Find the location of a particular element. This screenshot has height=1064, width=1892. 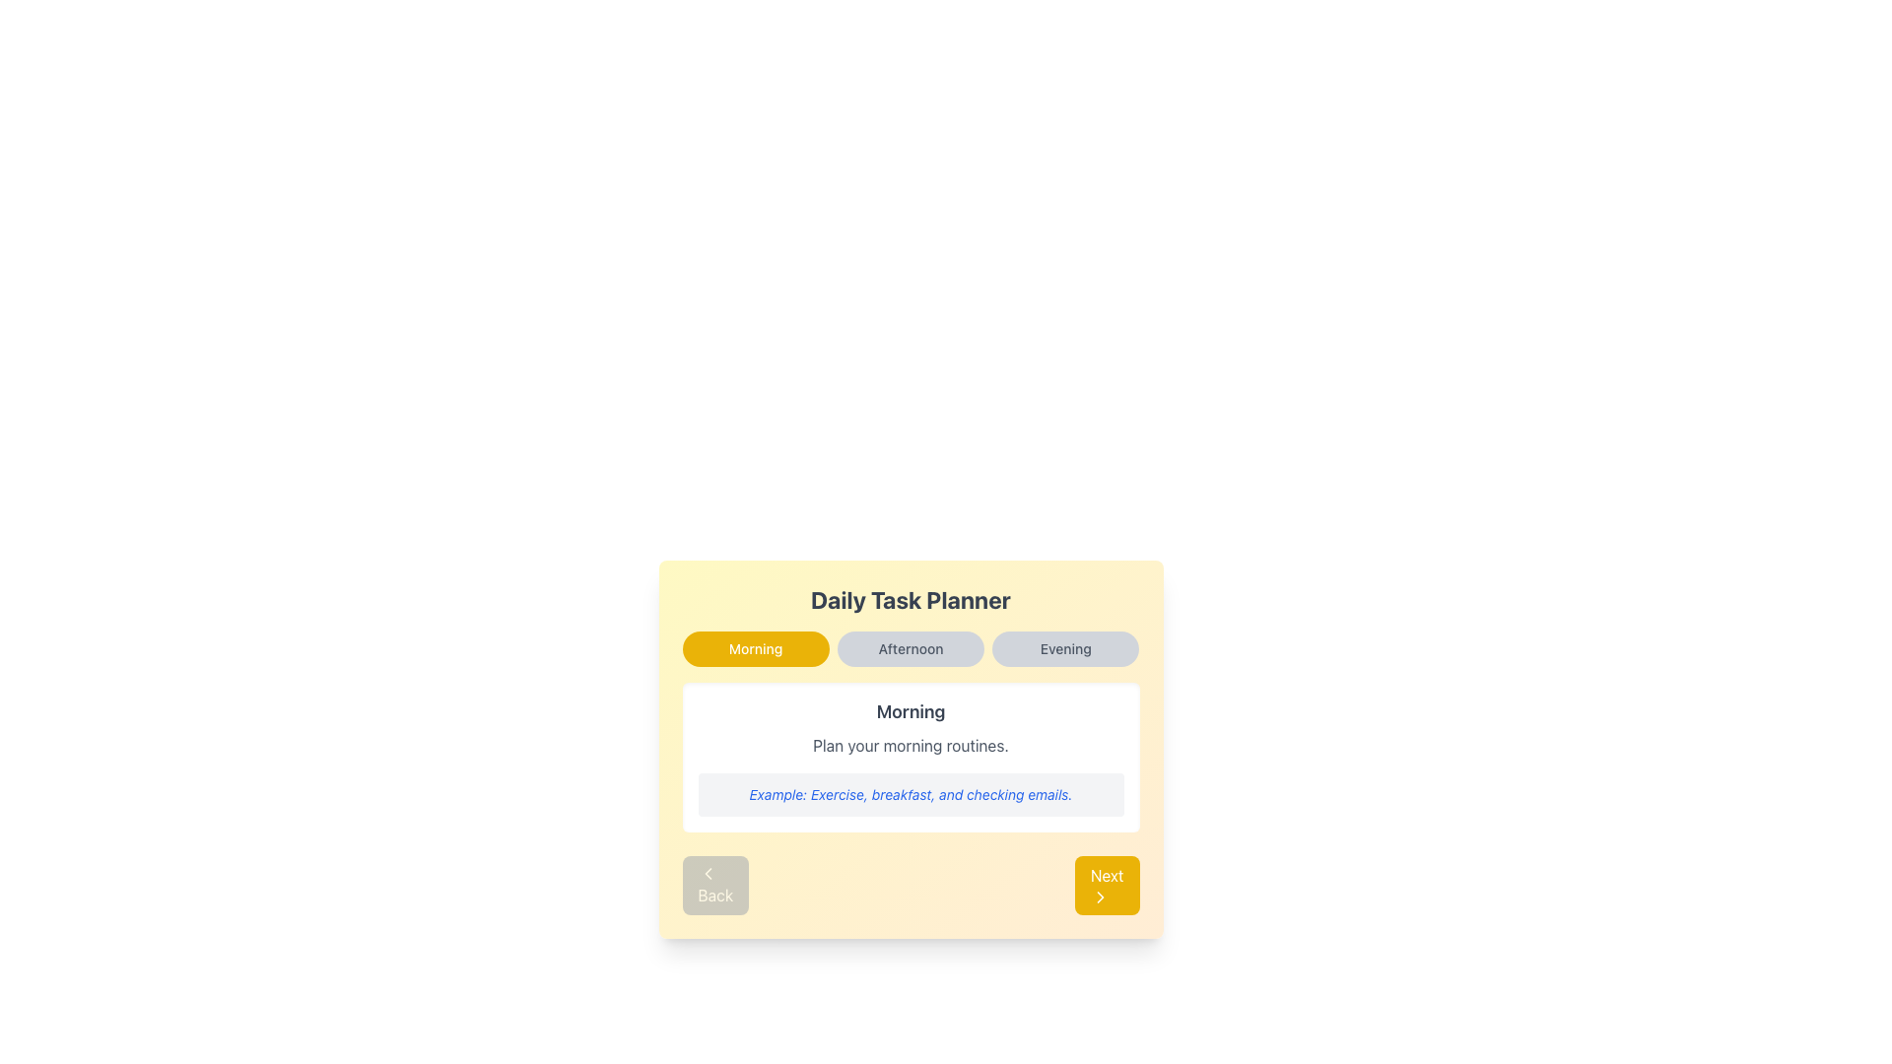

the right-pointing chevron SVG icon which indicates navigational functionality within the 'Next' button at the bottom-right corner of the task planner UI is located at coordinates (1099, 897).